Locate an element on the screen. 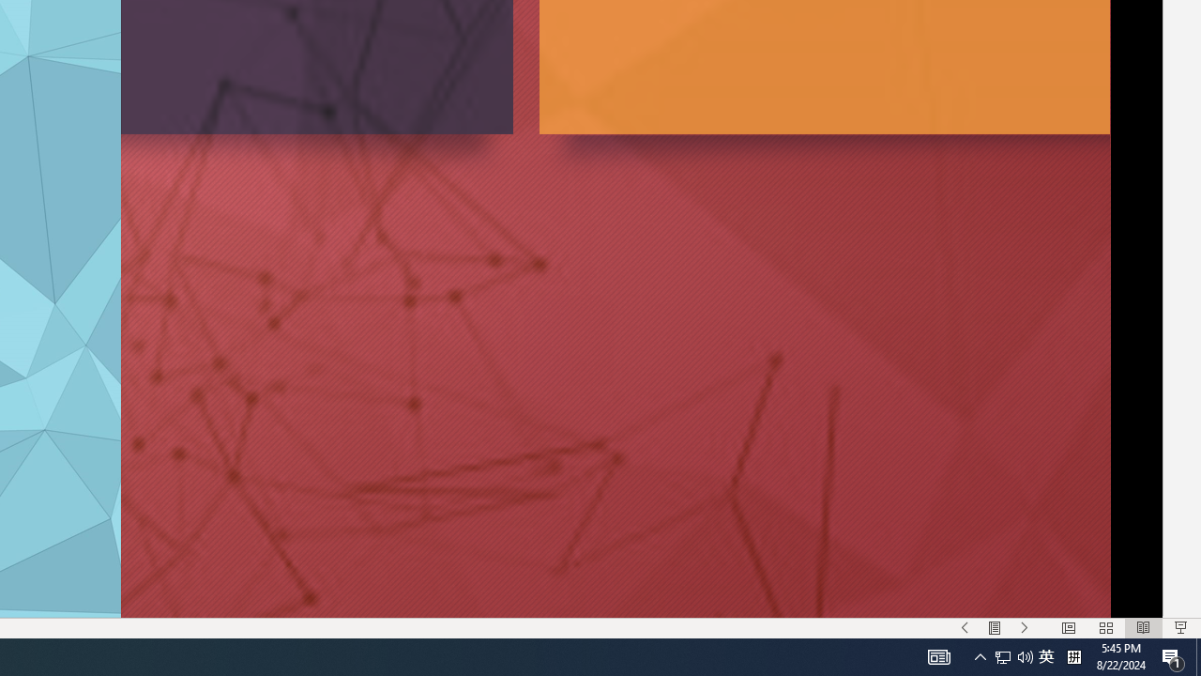 The height and width of the screenshot is (676, 1201). 'Slide Show Previous On' is located at coordinates (965, 628).